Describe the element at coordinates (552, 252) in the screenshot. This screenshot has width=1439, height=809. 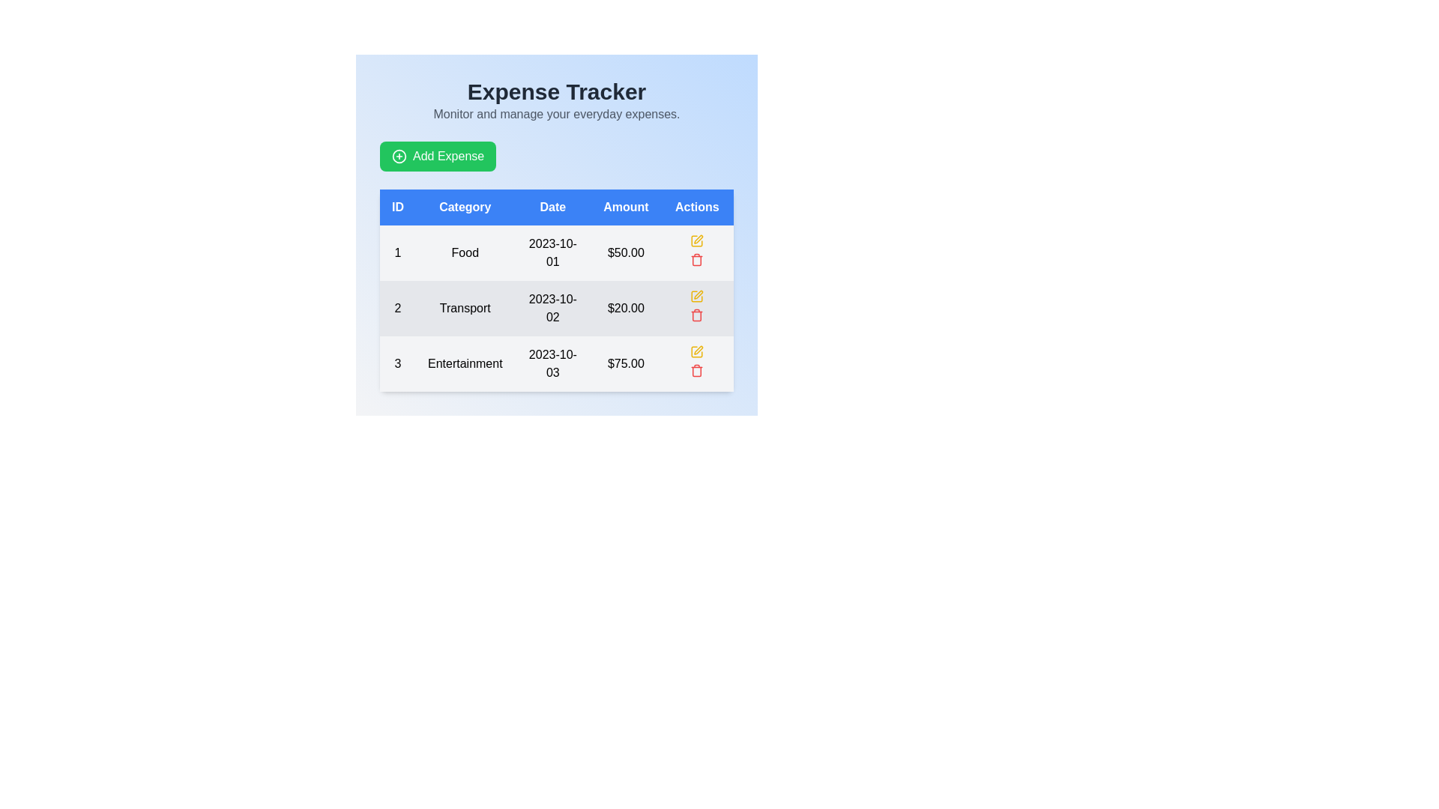
I see `the static text display showing the date in the third column of the first row of the table, located under the 'Date' header and to the left of the '$50.00' amount` at that location.